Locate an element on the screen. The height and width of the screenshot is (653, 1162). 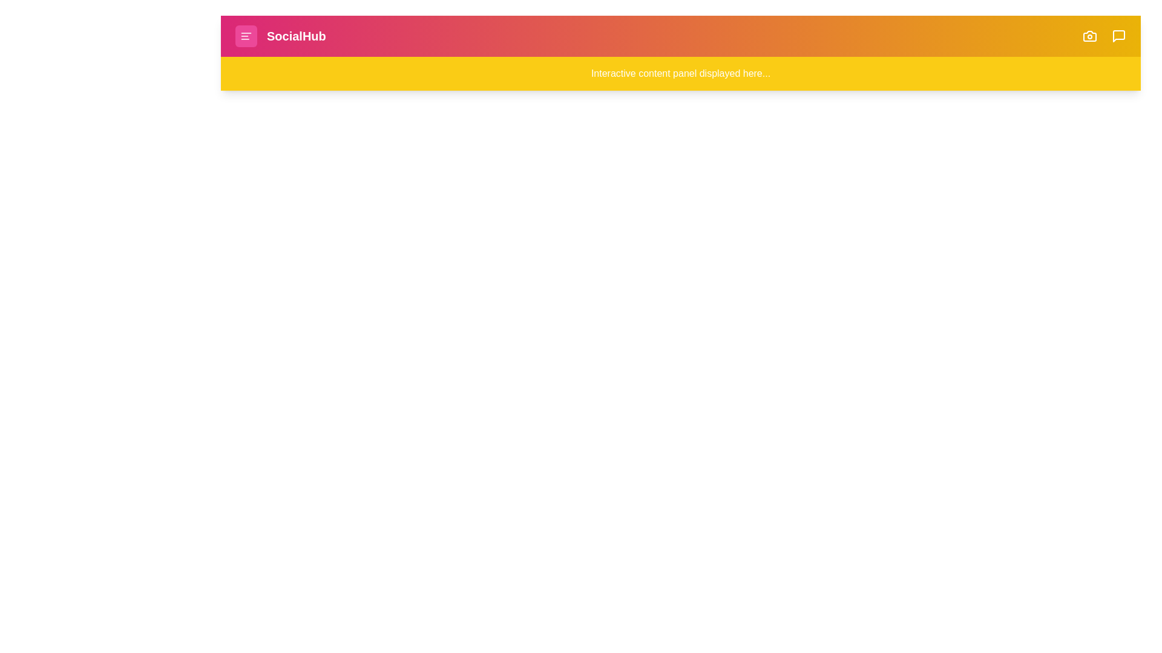
the MessageSquare icon button to open the messaging feature is located at coordinates (1118, 36).